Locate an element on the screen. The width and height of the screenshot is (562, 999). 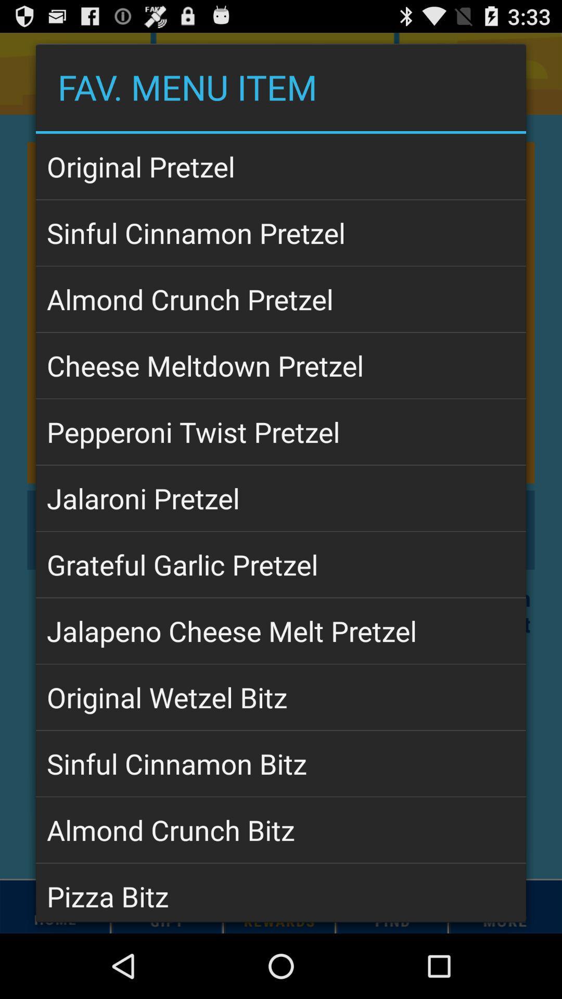
original pretzel app is located at coordinates (281, 166).